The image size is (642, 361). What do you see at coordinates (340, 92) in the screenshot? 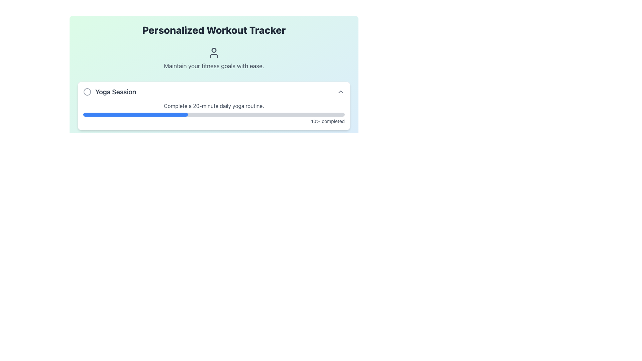
I see `the gray chevron up icon located at the far right of the 'Yoga Session' list item` at bounding box center [340, 92].